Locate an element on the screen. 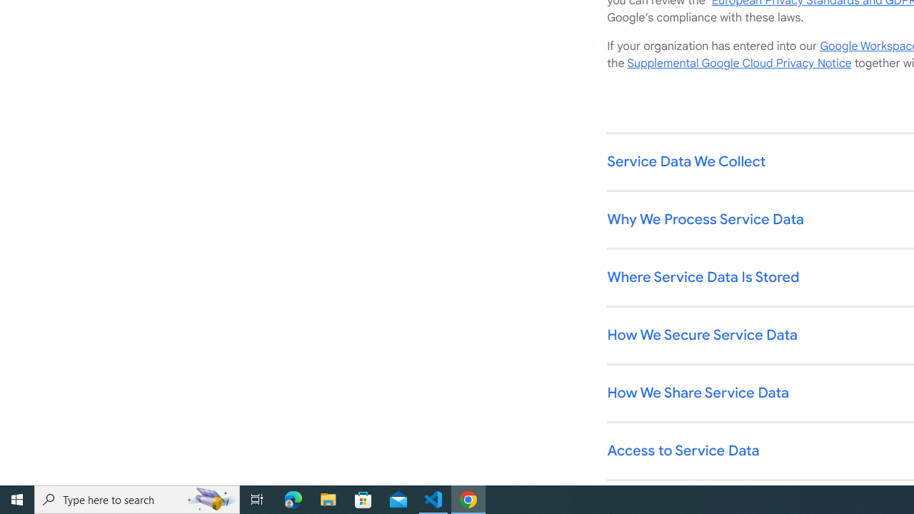 Image resolution: width=914 pixels, height=514 pixels. 'Supplemental Google Cloud Privacy Notice' is located at coordinates (739, 63).